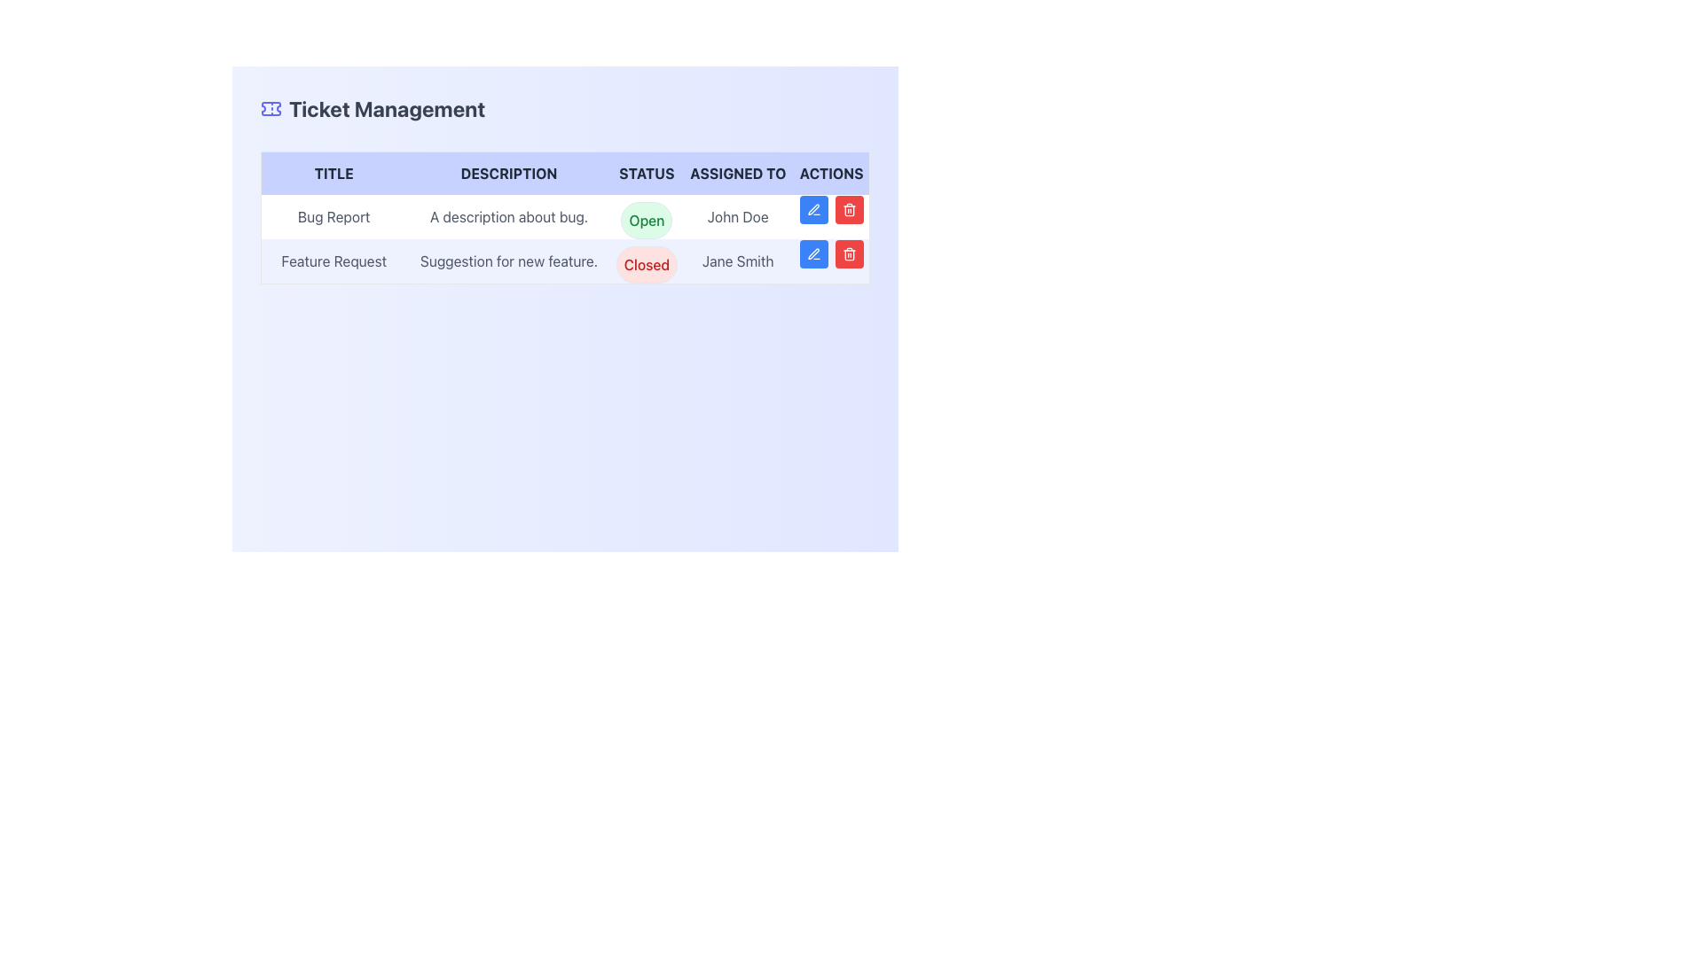 This screenshot has width=1703, height=957. What do you see at coordinates (271, 109) in the screenshot?
I see `the indigo ticket-shaped icon located at the left side of the 'Ticket Management' header section` at bounding box center [271, 109].